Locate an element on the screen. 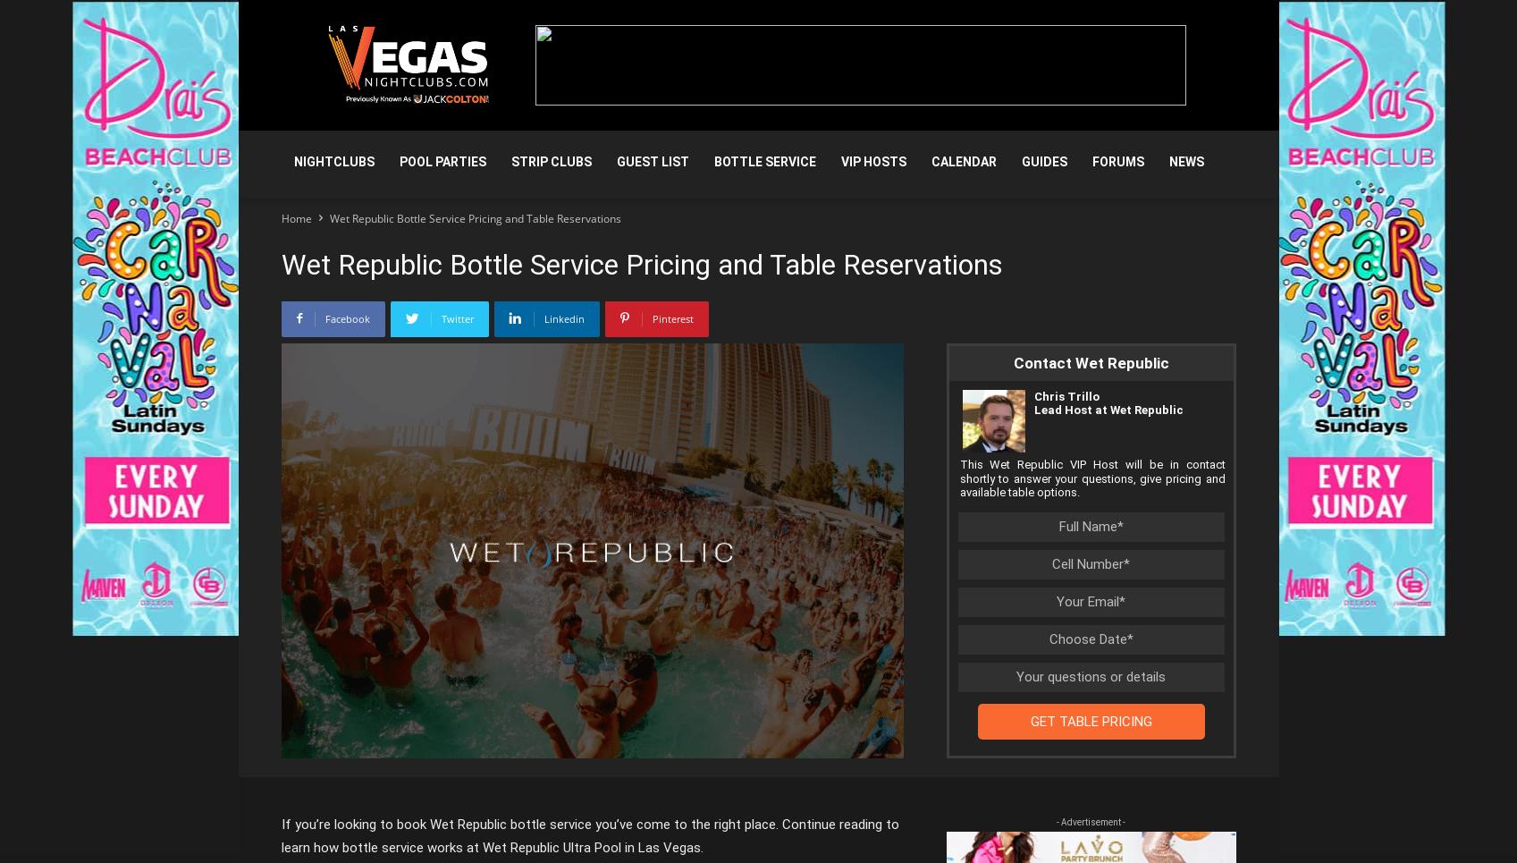 The height and width of the screenshot is (863, 1517). 'Pinterest' is located at coordinates (651, 318).